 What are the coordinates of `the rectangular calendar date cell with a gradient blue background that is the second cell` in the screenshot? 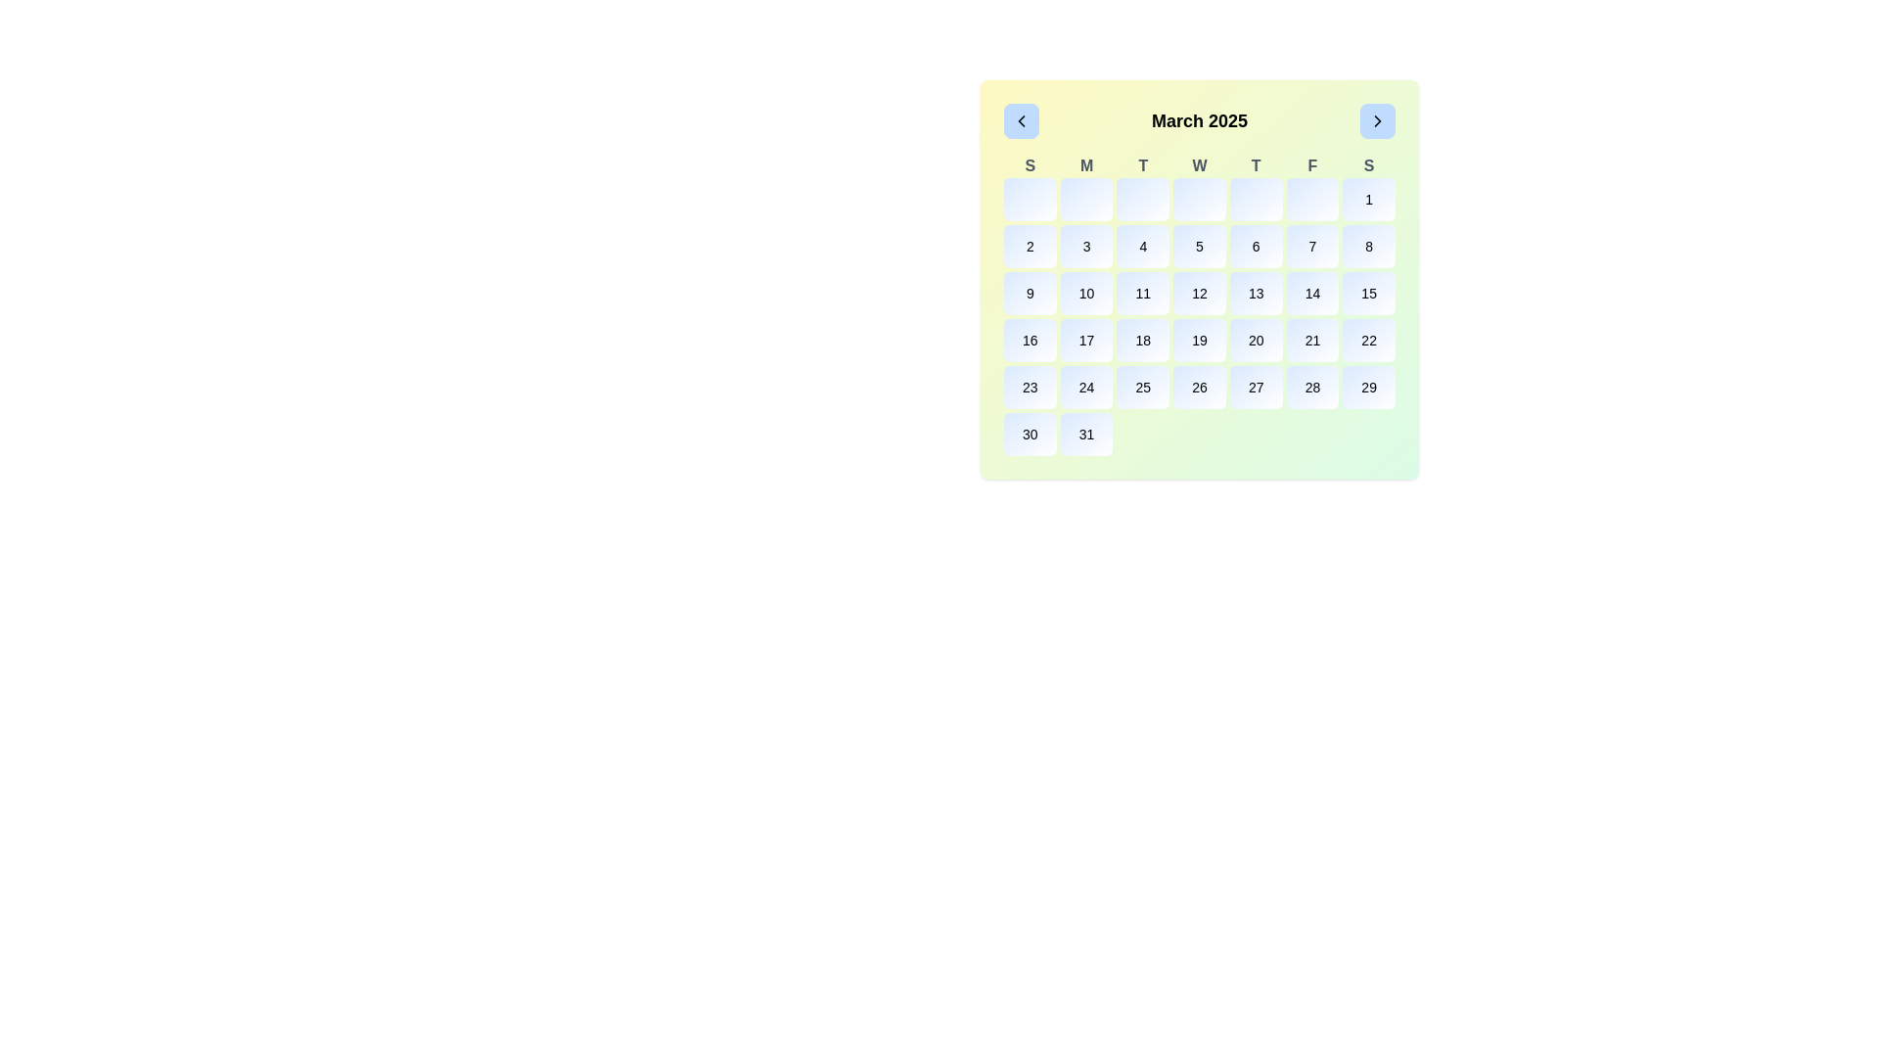 It's located at (1085, 200).